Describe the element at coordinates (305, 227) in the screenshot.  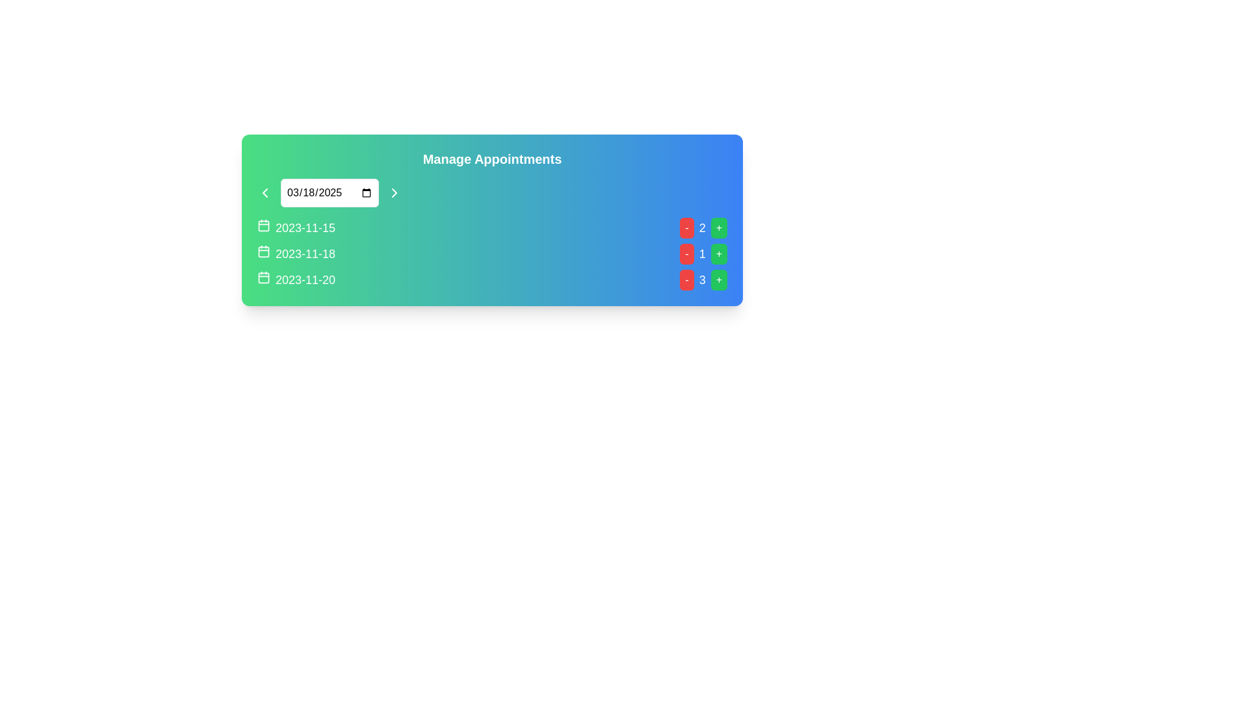
I see `the text label displaying the date '2023-11-15', which is positioned in the upper left section of the interface within a green background block and adjacent to a calendar icon` at that location.